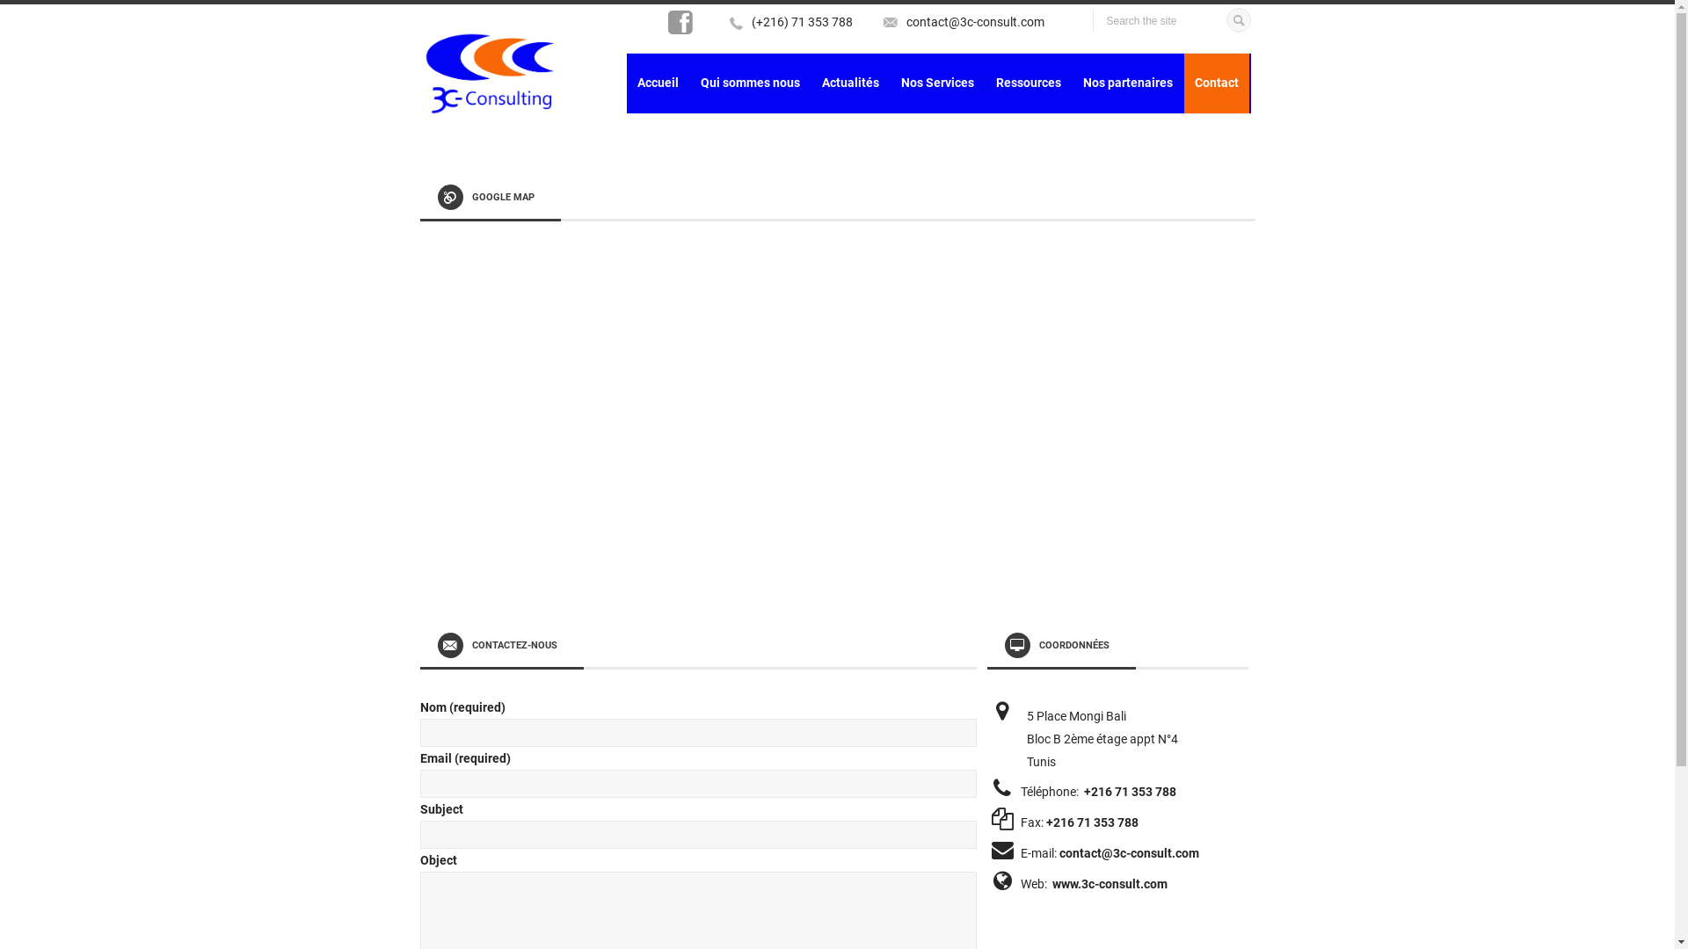 Image resolution: width=1688 pixels, height=949 pixels. What do you see at coordinates (1028, 83) in the screenshot?
I see `'Ressources'` at bounding box center [1028, 83].